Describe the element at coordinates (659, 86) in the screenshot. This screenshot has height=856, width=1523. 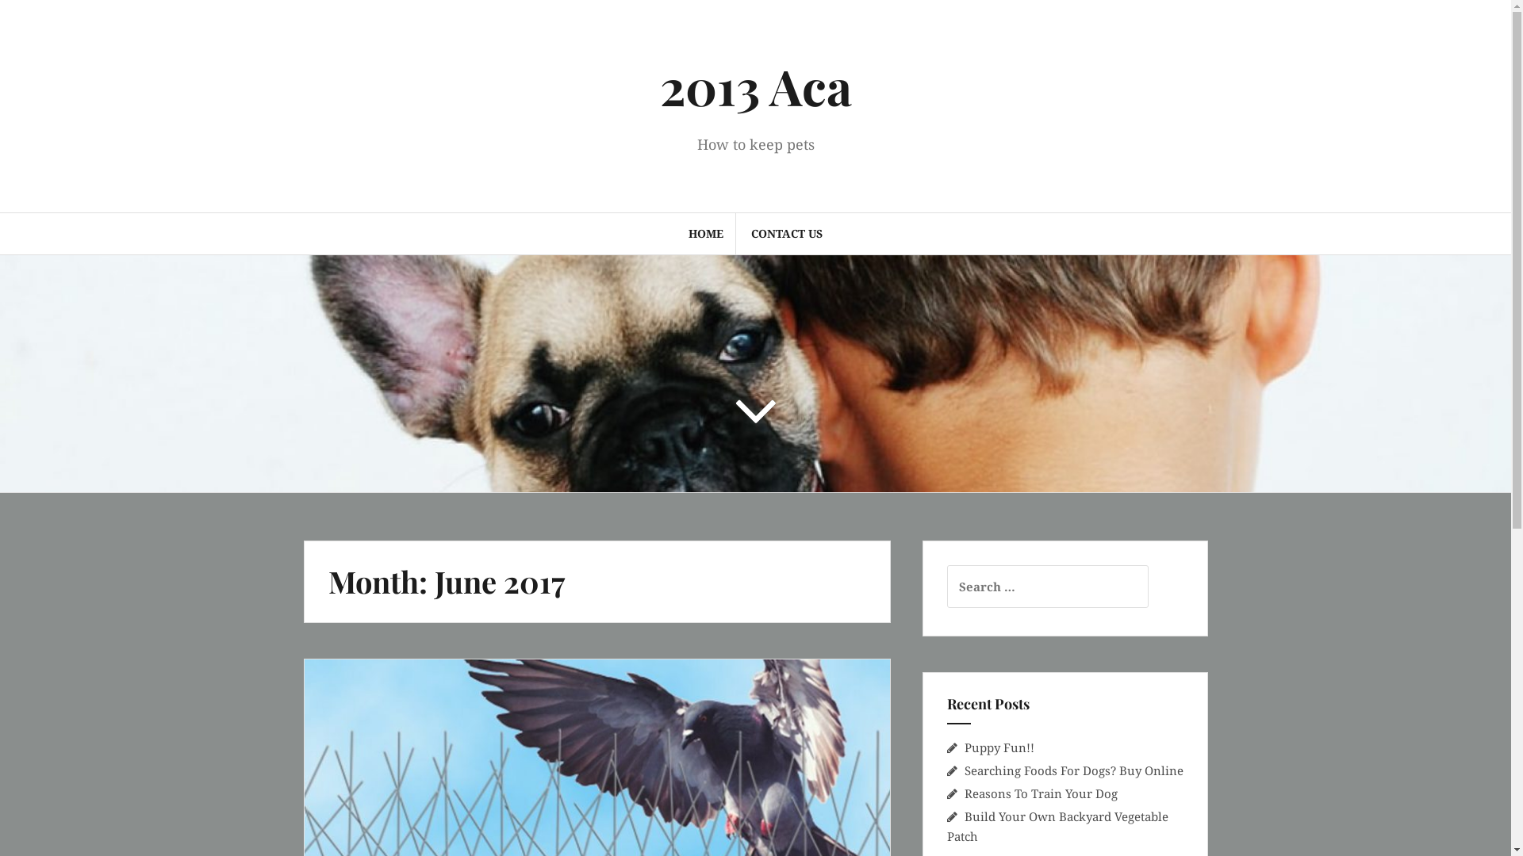
I see `'2013 Aca'` at that location.